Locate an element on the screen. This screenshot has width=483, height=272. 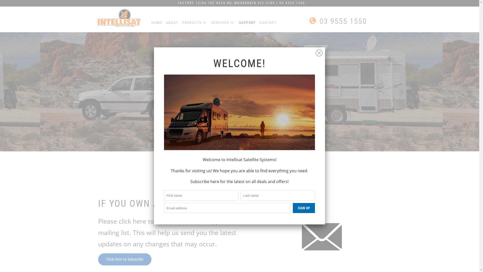
'Intellisat' is located at coordinates (93, 19).